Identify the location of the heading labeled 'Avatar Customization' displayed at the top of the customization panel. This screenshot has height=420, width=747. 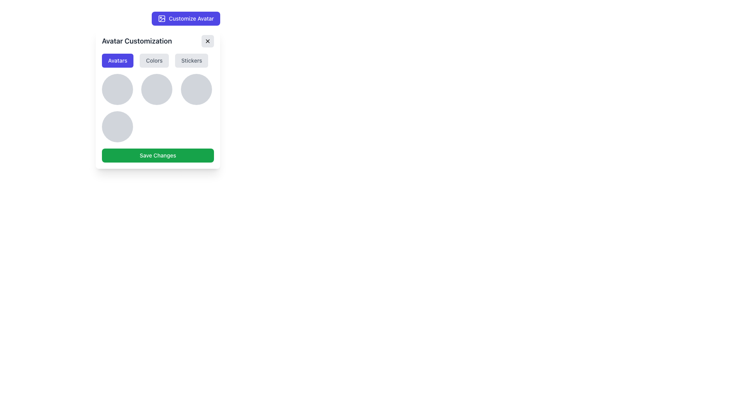
(157, 41).